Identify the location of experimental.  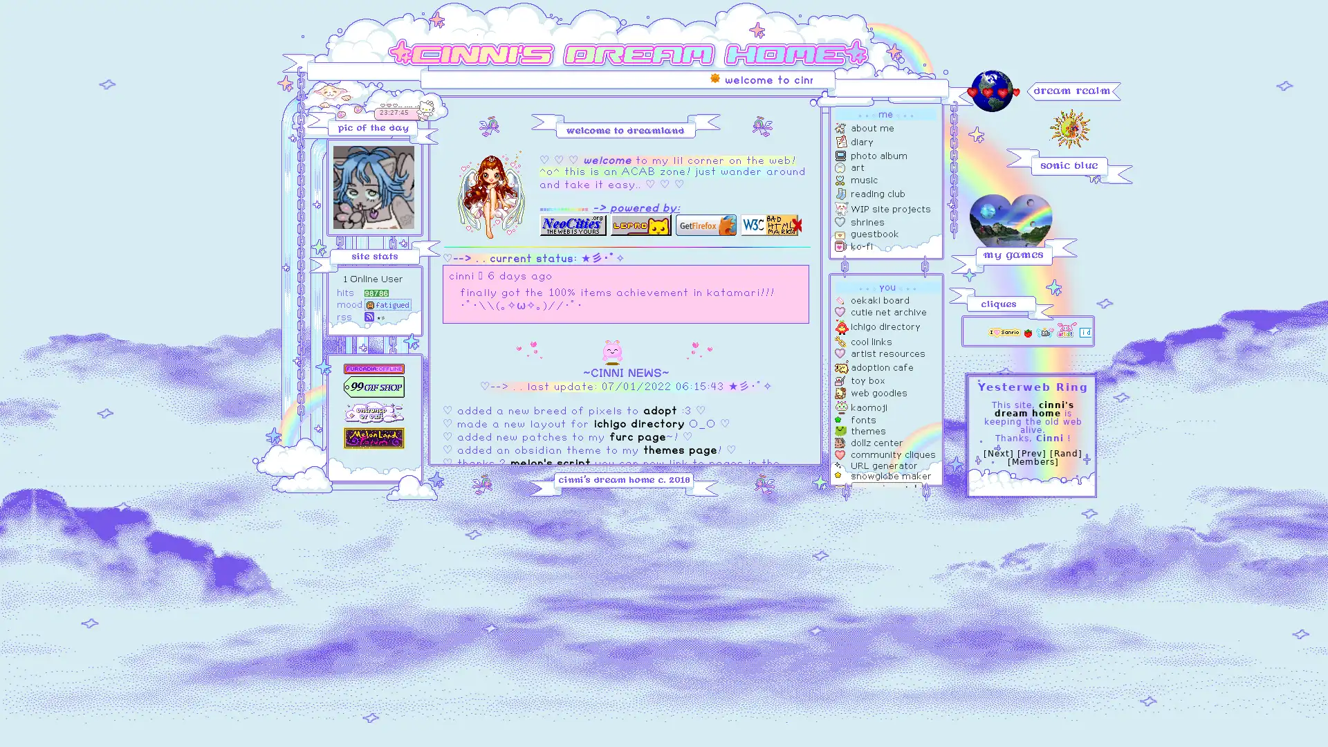
(887, 488).